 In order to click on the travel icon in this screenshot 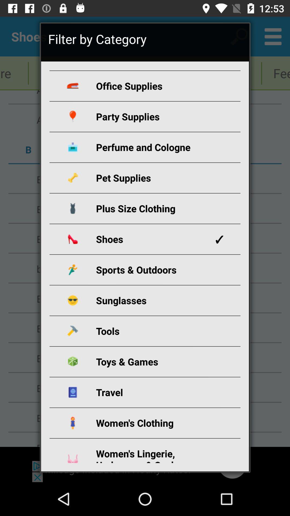, I will do `click(151, 392)`.